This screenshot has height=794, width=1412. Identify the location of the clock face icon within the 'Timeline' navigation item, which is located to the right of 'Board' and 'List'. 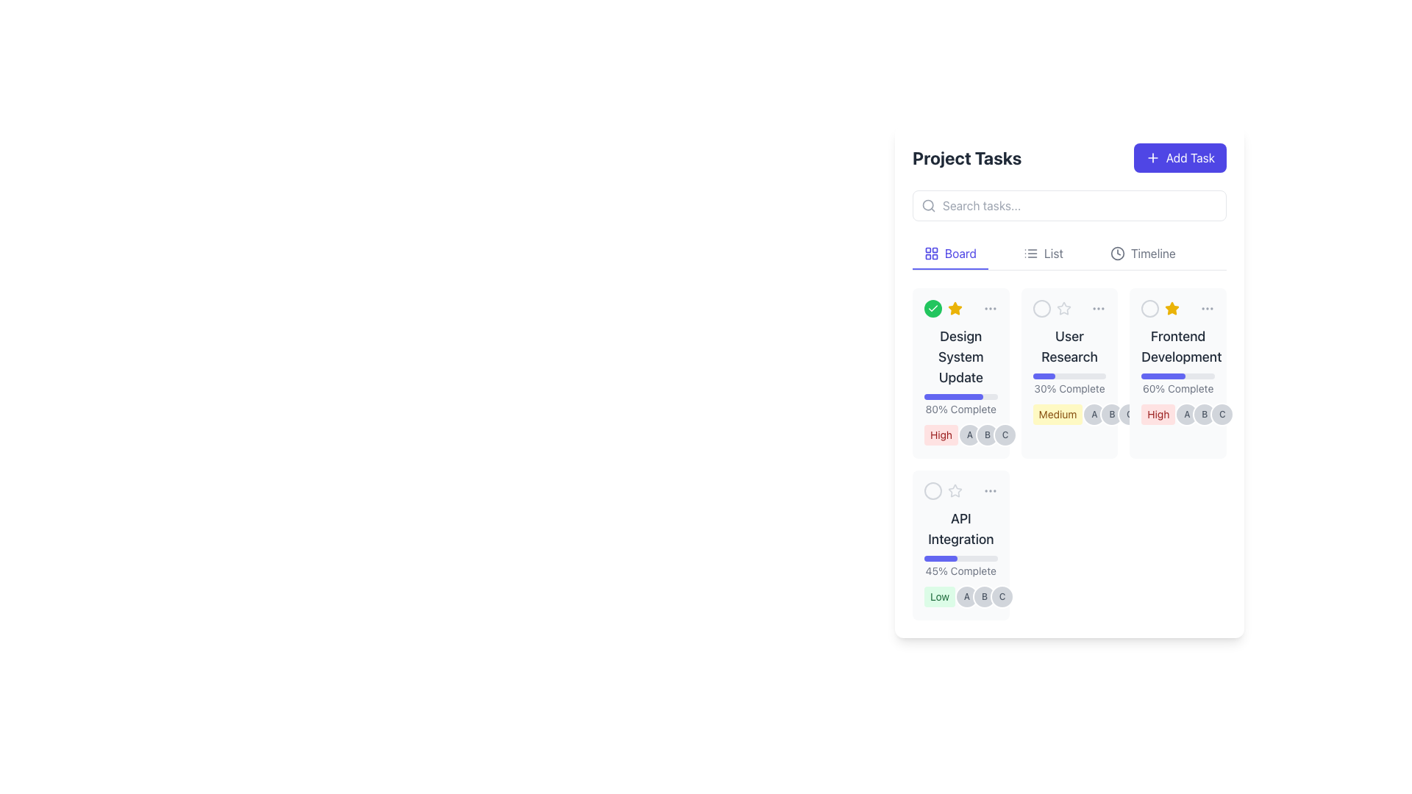
(1117, 252).